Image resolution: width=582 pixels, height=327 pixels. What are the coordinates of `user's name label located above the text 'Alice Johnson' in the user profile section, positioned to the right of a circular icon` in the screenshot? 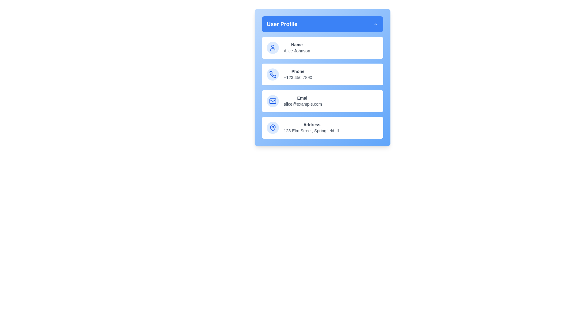 It's located at (297, 44).